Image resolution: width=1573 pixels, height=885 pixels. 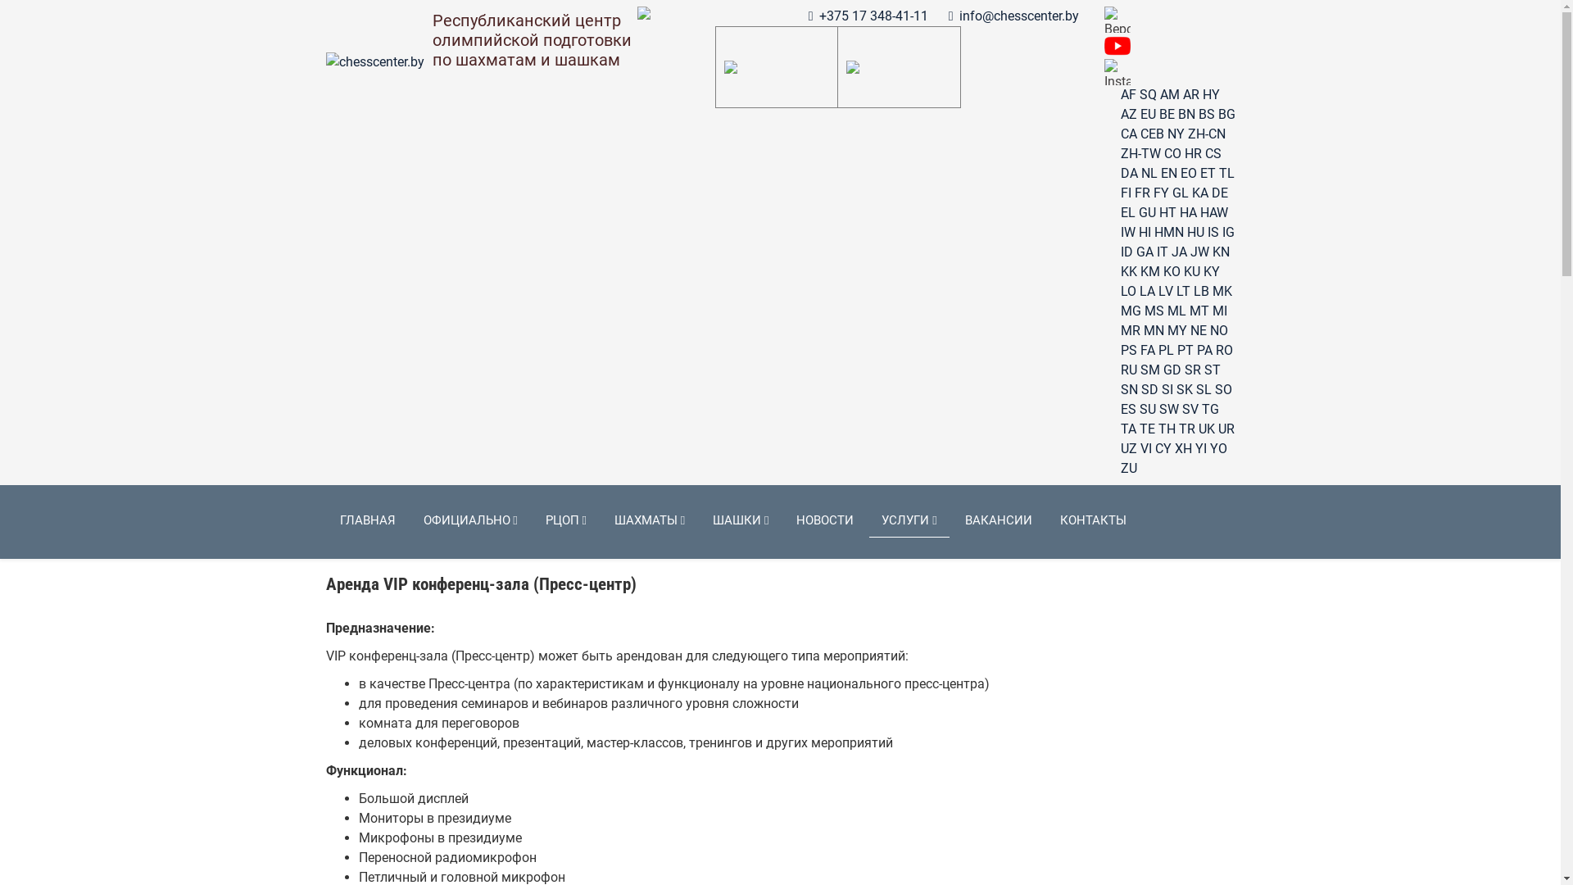 What do you see at coordinates (1160, 389) in the screenshot?
I see `'SI'` at bounding box center [1160, 389].